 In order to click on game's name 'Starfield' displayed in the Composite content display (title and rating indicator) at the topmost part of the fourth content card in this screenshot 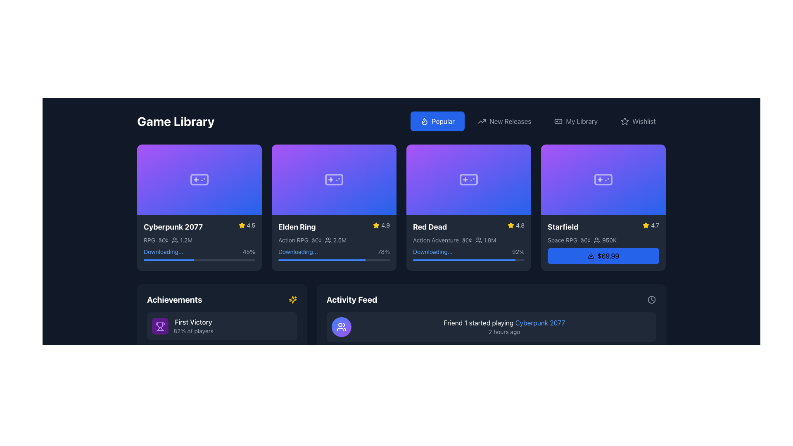, I will do `click(603, 226)`.